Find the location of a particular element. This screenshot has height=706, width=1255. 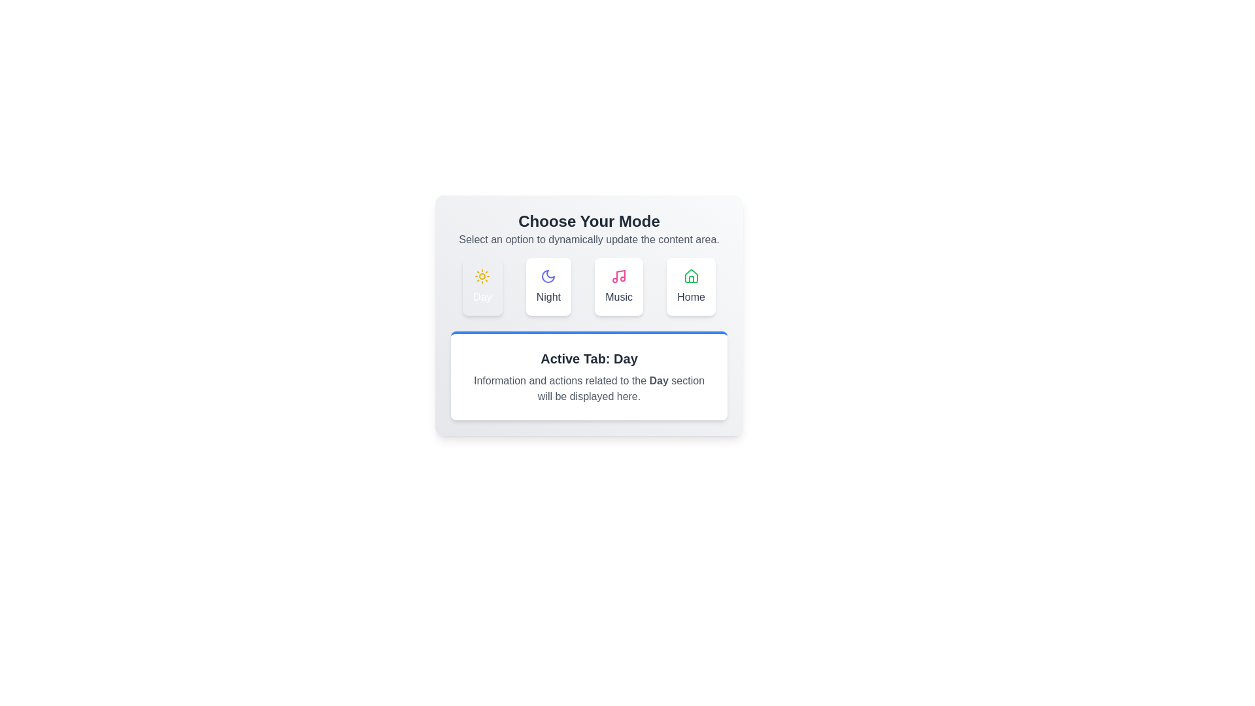

the 'Home' mode icon in the fourth position of the 'Choose Your Mode' icon group is located at coordinates (690, 275).